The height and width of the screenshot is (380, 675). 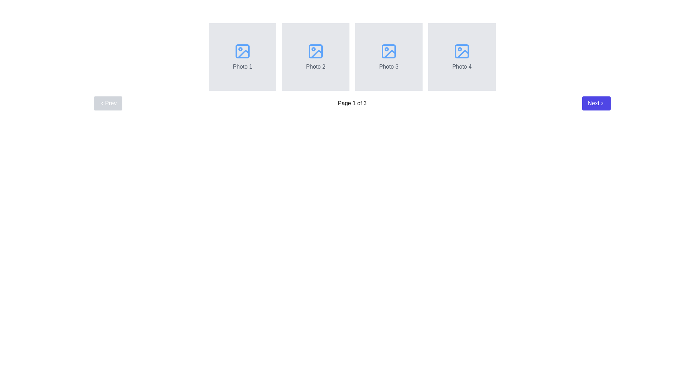 What do you see at coordinates (243, 51) in the screenshot?
I see `the blue image icon located inside the first gray square, which has the label 'Photo 1' at its bottom` at bounding box center [243, 51].